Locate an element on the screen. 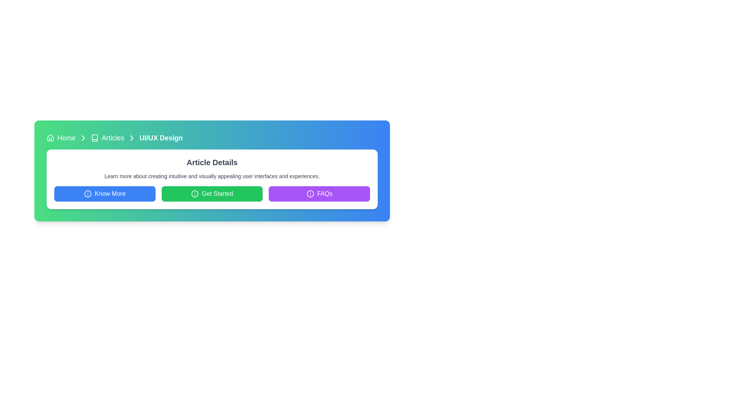 The width and height of the screenshot is (734, 413). the 'Articles' breadcrumb link with an icon located in the top-left corner of the interface is located at coordinates (107, 138).